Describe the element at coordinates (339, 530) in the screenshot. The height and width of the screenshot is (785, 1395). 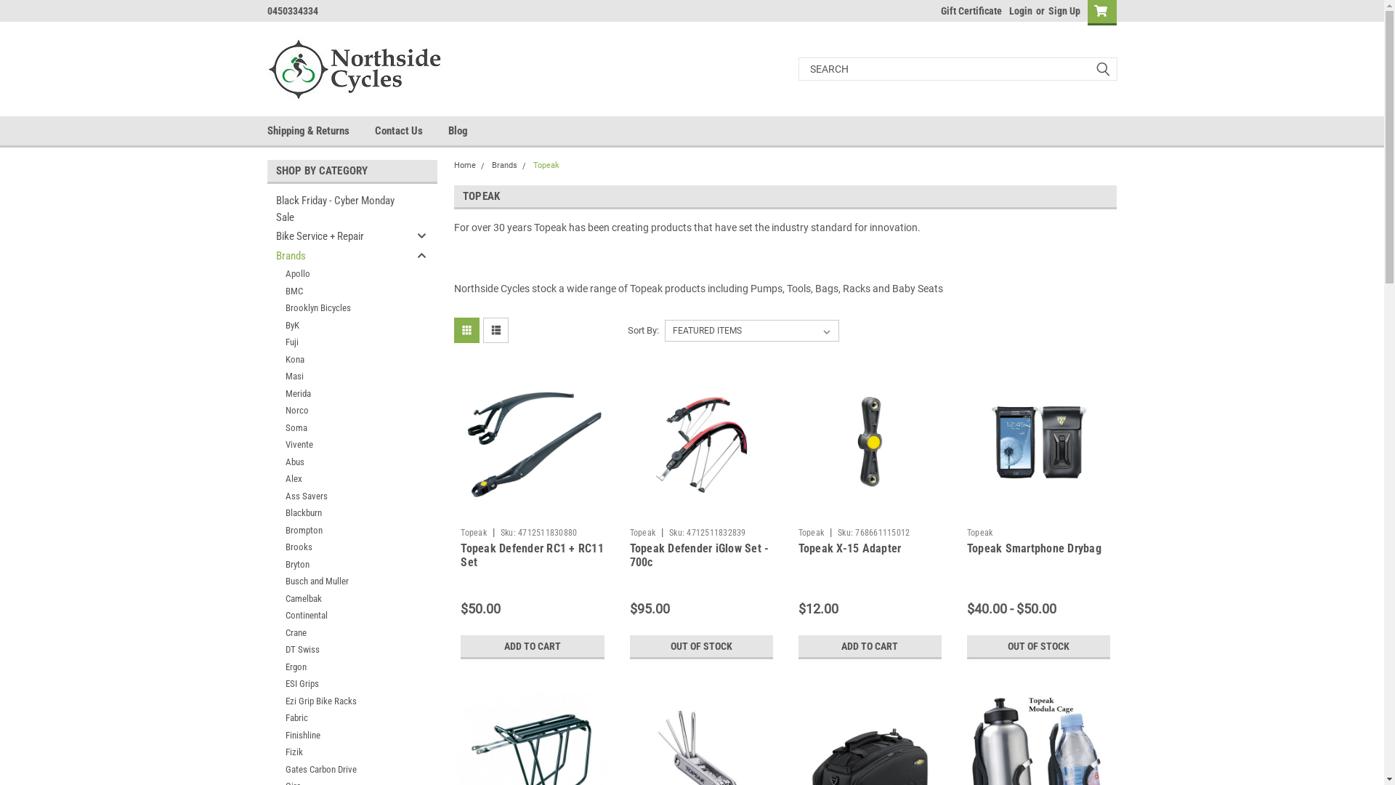
I see `'Brompton'` at that location.